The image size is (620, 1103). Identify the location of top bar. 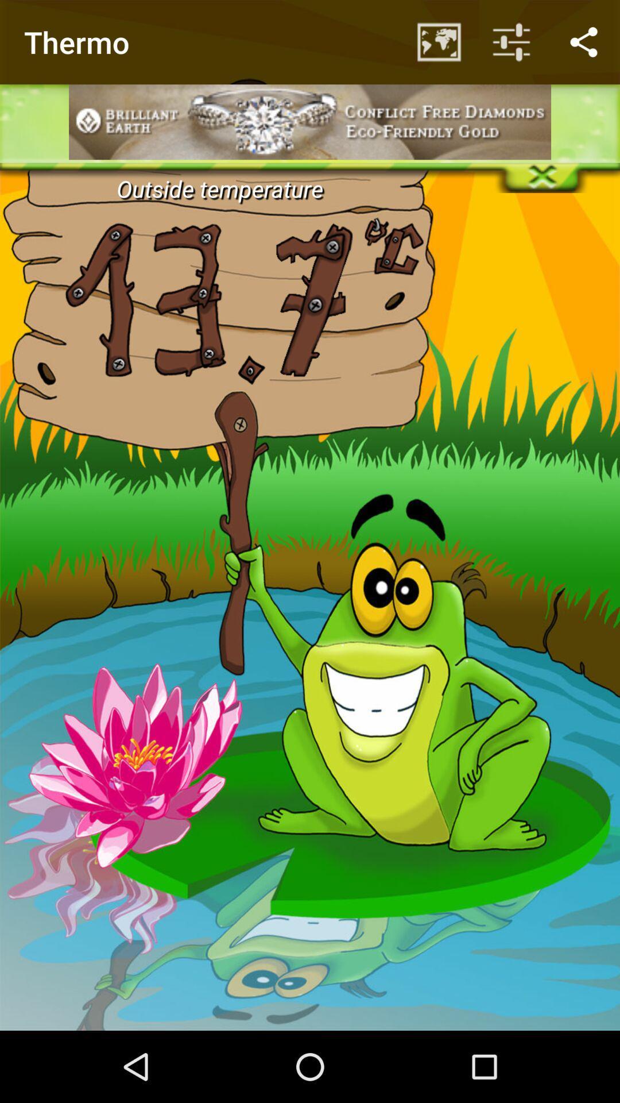
(310, 37).